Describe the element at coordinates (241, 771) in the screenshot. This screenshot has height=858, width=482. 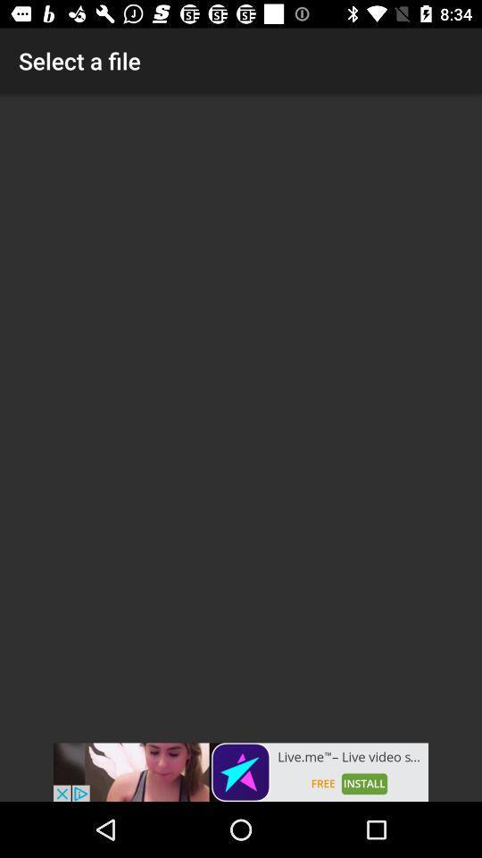
I see `advertisement 's website` at that location.